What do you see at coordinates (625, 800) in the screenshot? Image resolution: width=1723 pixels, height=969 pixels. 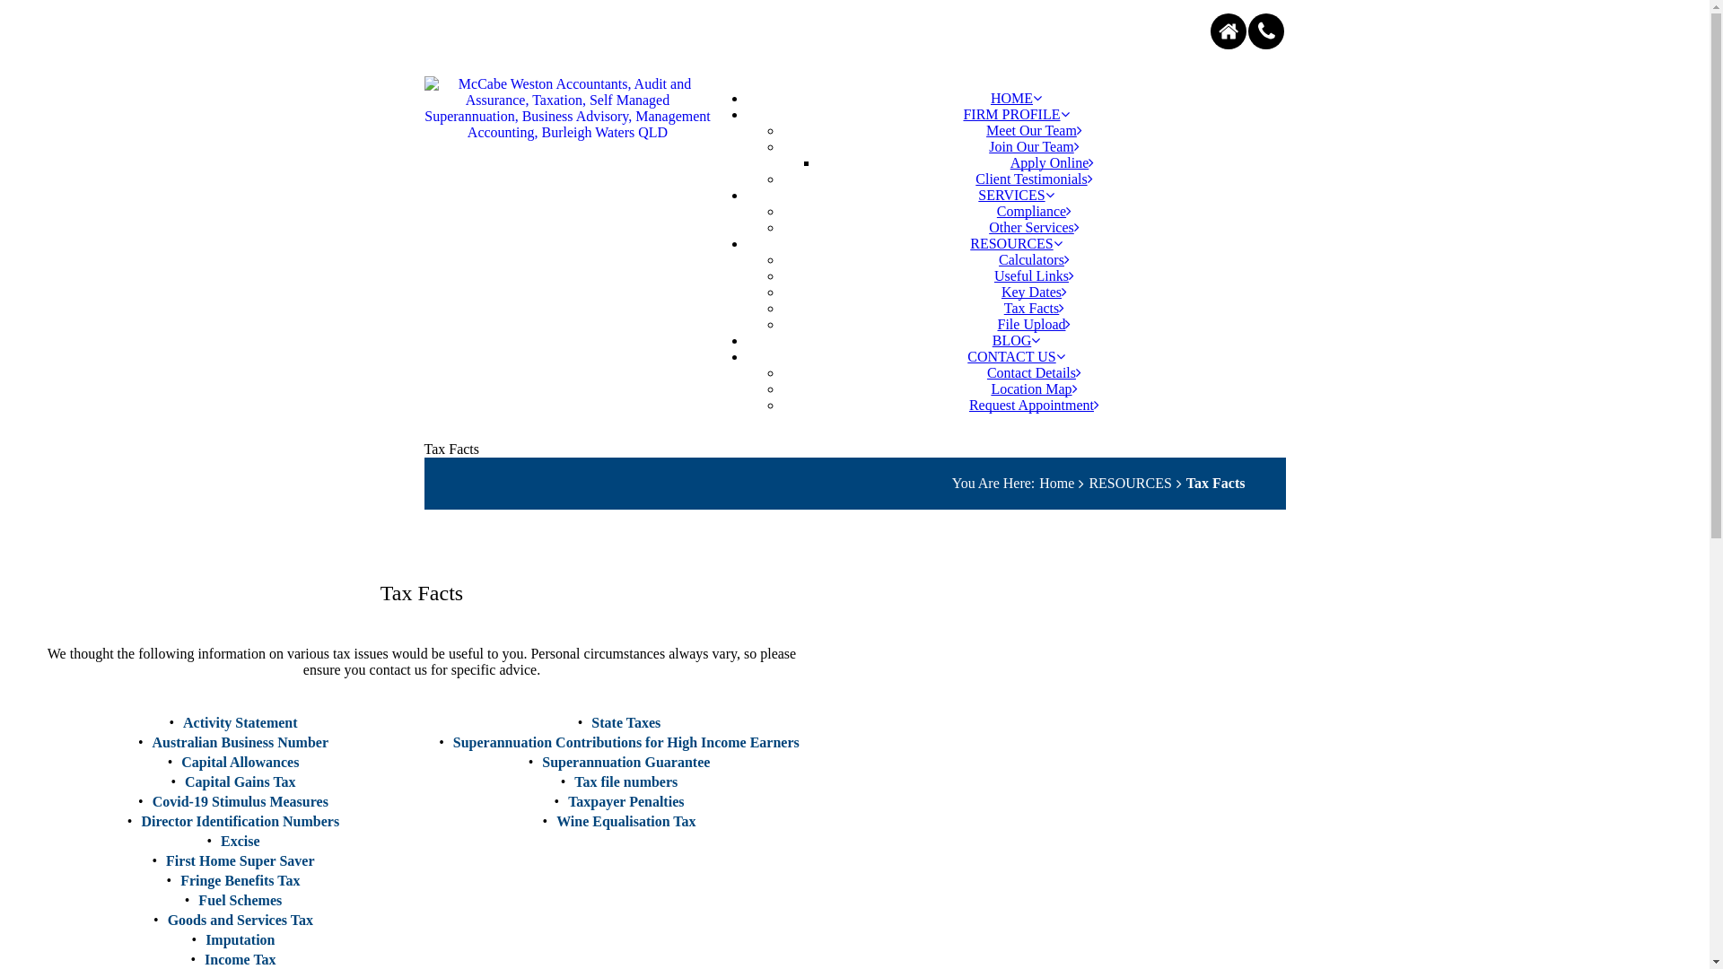 I see `'Taxpayer Penalties'` at bounding box center [625, 800].